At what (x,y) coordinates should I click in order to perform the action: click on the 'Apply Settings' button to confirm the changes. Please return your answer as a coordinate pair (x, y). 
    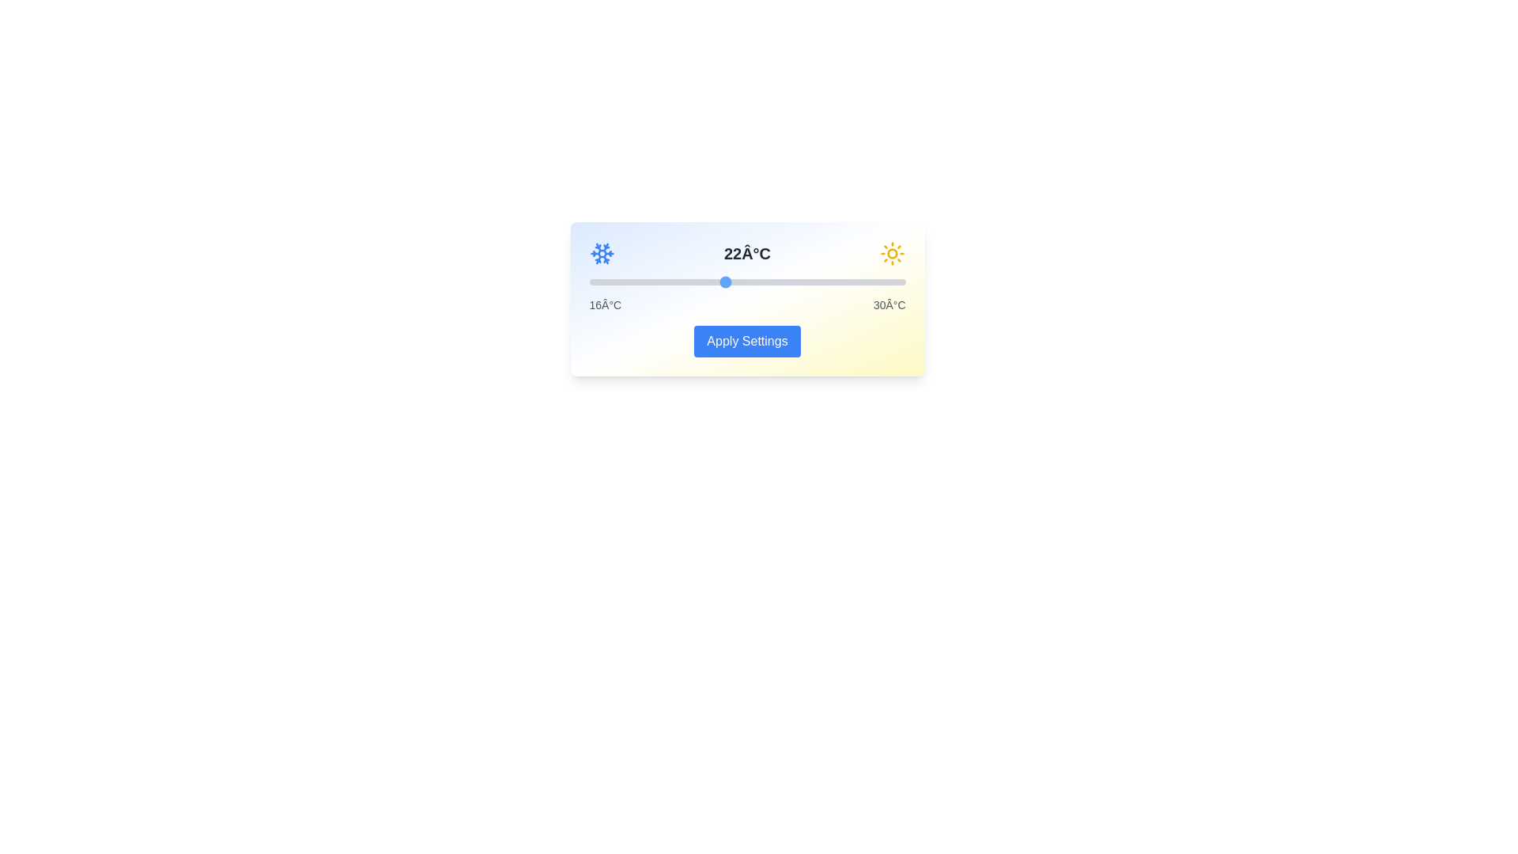
    Looking at the image, I should click on (746, 341).